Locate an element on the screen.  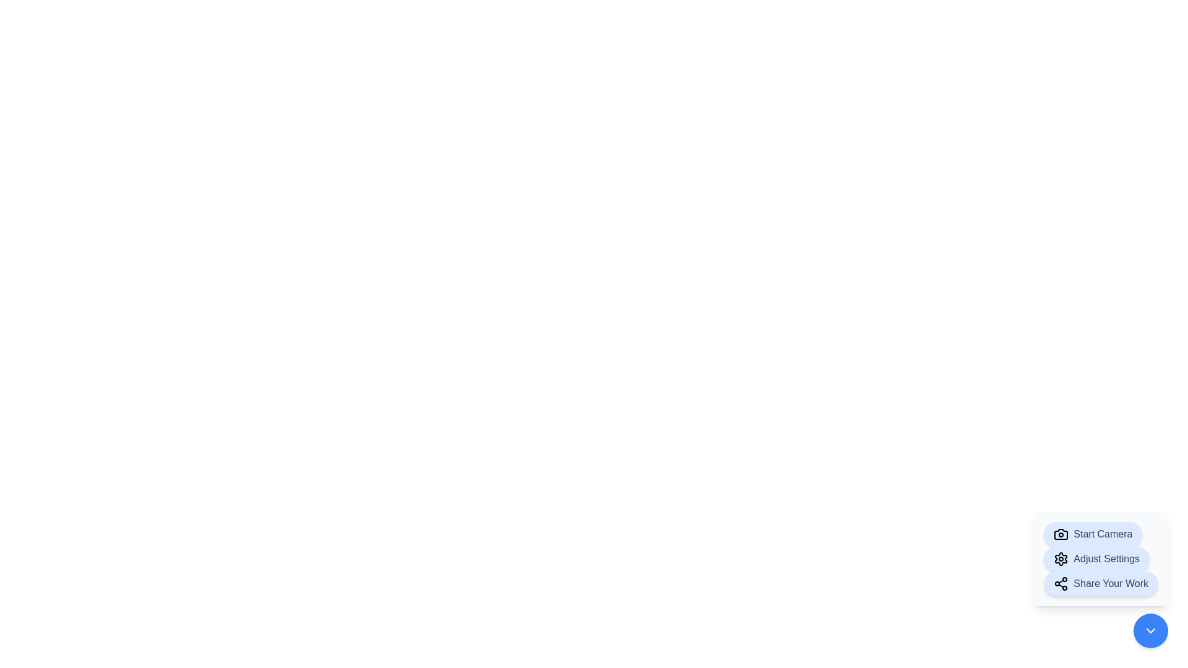
the text label located at the bottom-right corner of the interface, which describes the sharing feature is located at coordinates (1111, 584).